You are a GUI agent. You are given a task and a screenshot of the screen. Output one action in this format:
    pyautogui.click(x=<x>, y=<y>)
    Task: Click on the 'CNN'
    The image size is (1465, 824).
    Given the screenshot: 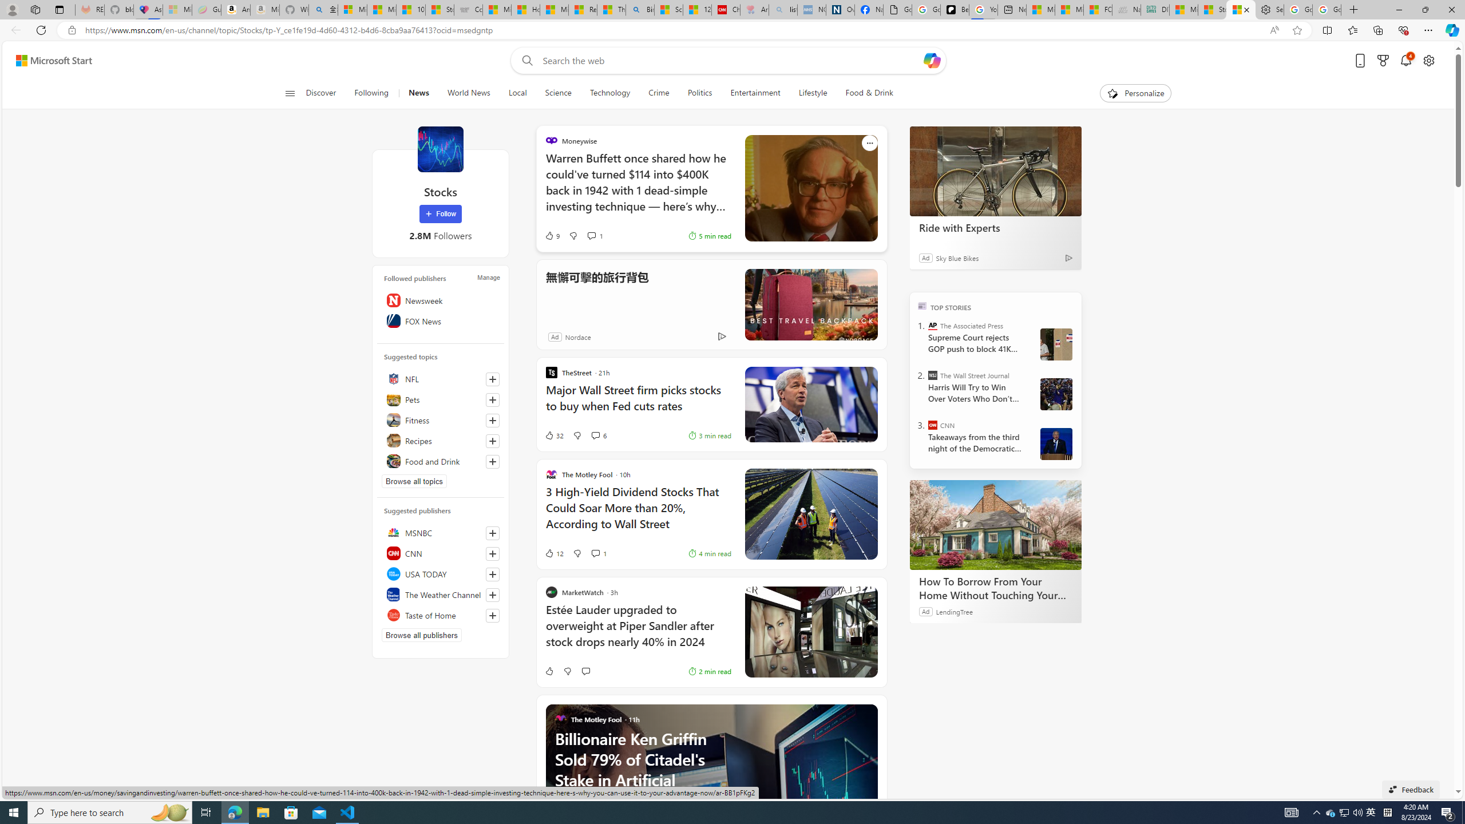 What is the action you would take?
    pyautogui.click(x=933, y=425)
    